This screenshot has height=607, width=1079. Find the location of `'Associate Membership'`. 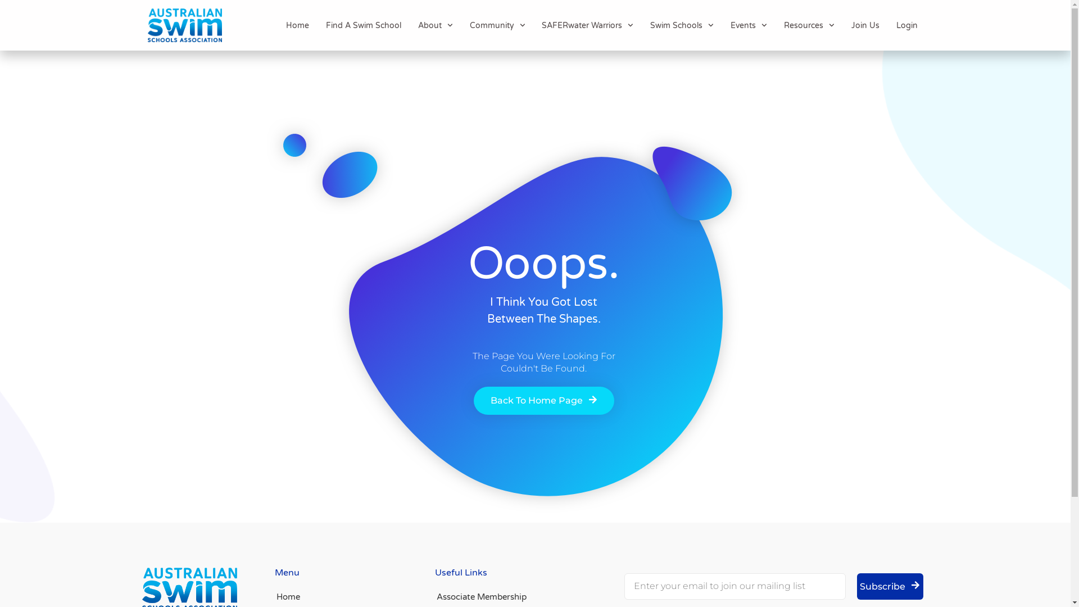

'Associate Membership' is located at coordinates (515, 596).